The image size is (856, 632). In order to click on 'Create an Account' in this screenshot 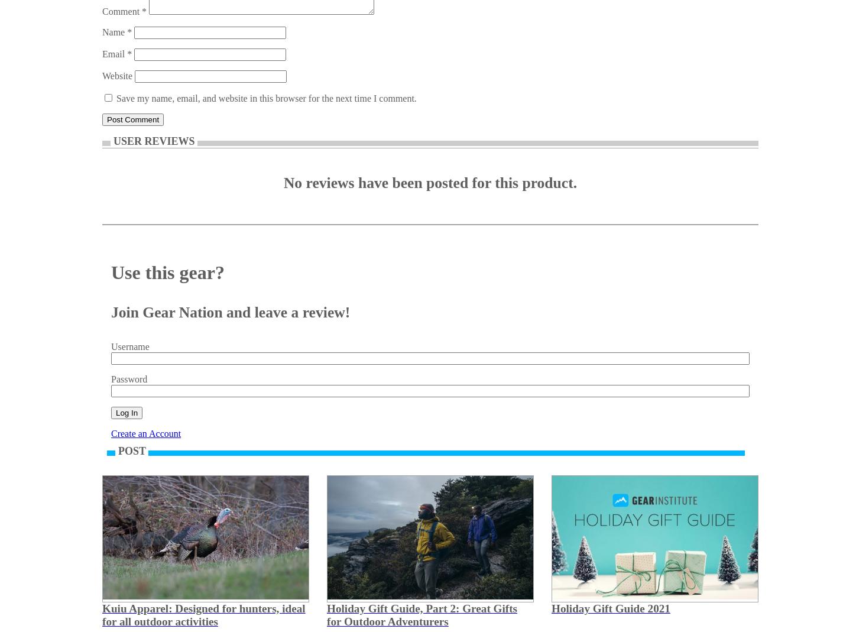, I will do `click(111, 433)`.